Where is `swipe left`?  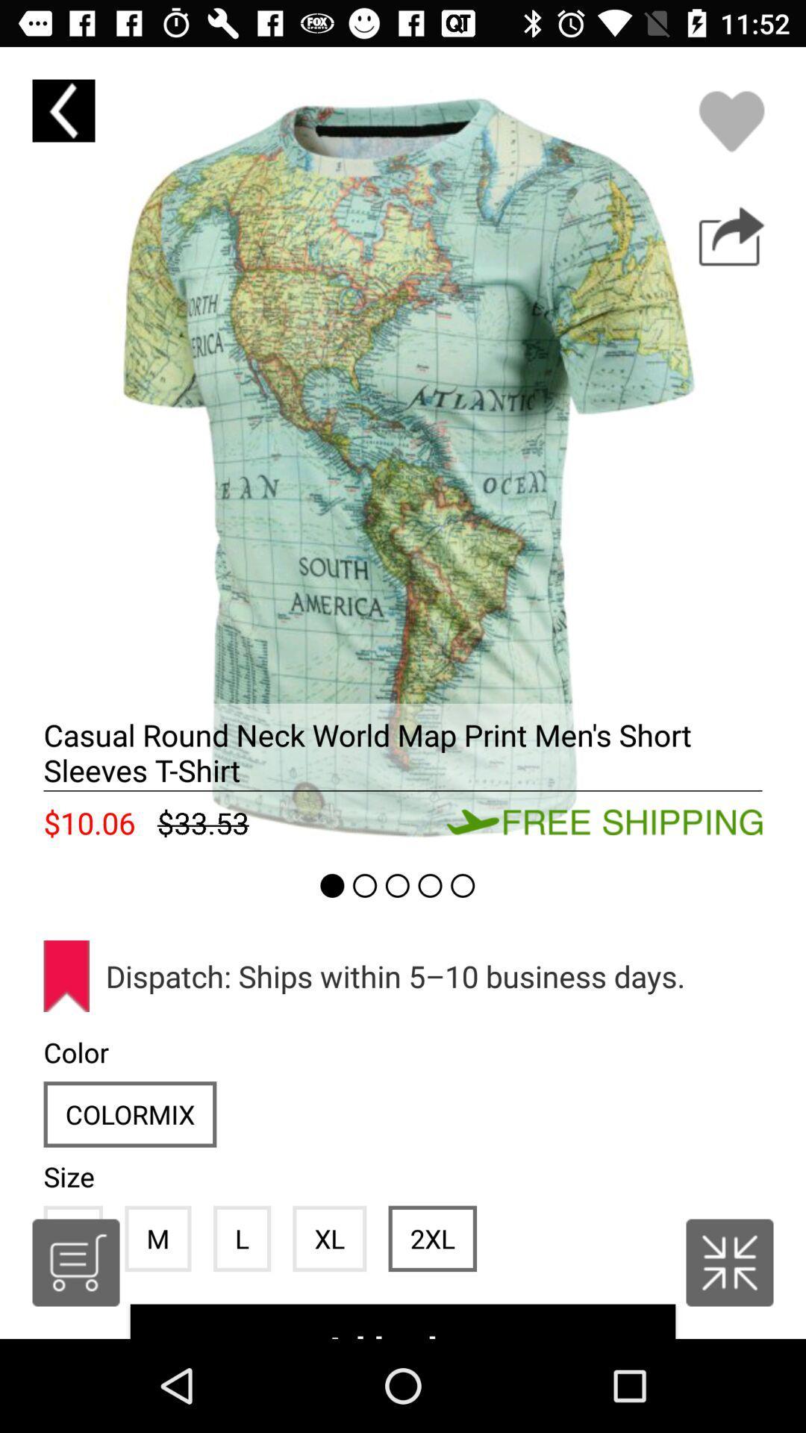
swipe left is located at coordinates (403, 449).